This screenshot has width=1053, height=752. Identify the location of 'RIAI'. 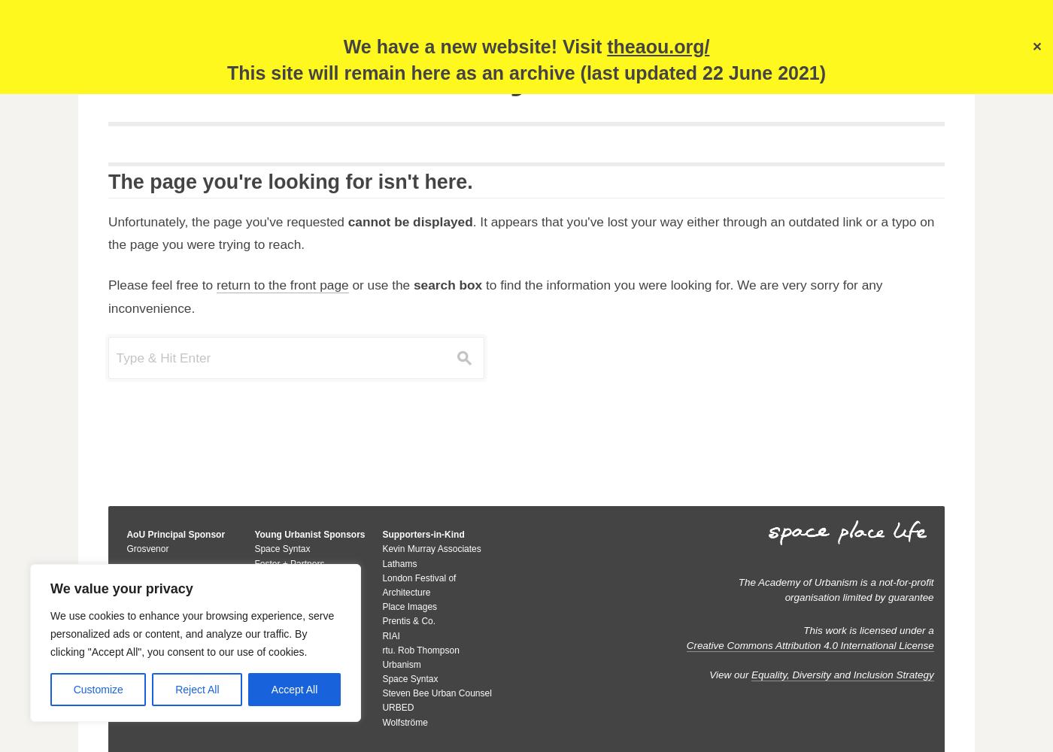
(382, 635).